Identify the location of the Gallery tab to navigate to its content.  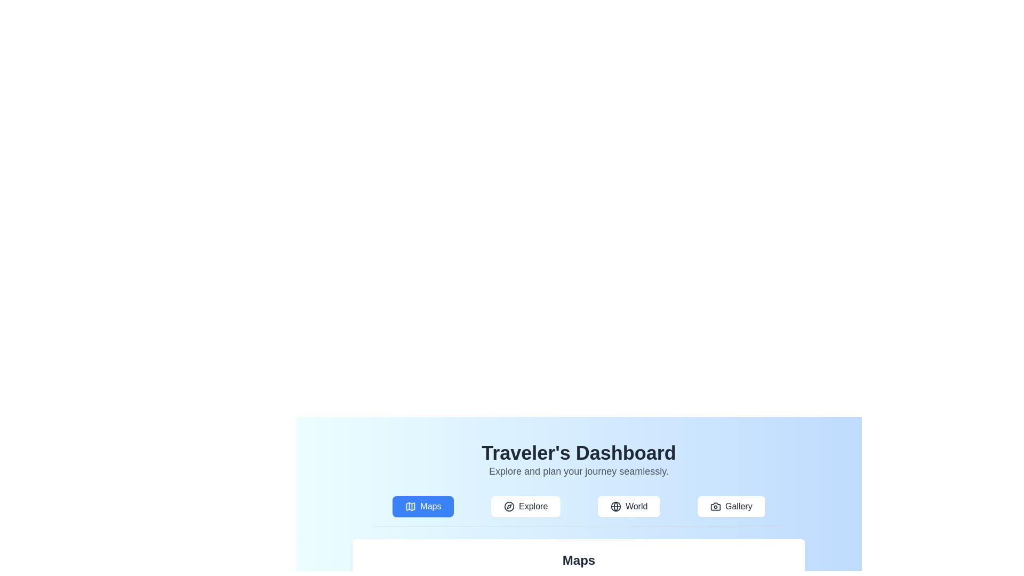
(731, 506).